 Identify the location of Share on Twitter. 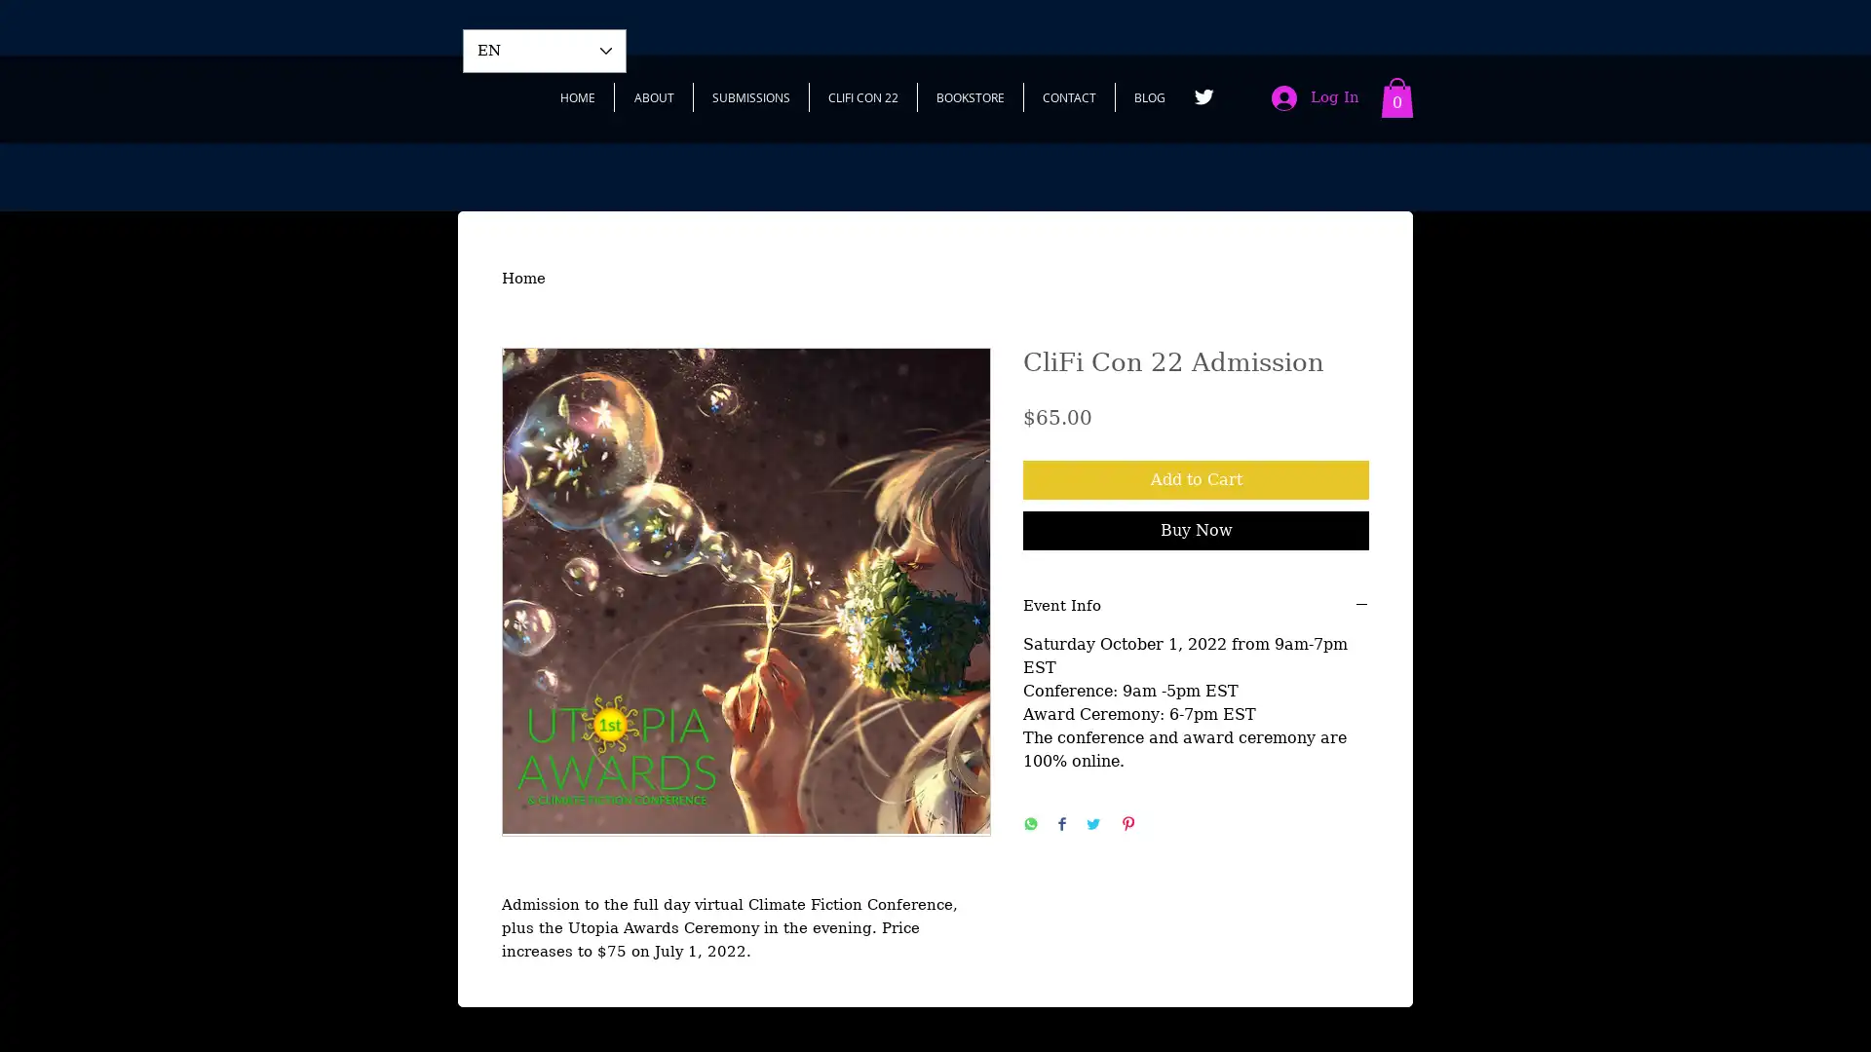
(1093, 825).